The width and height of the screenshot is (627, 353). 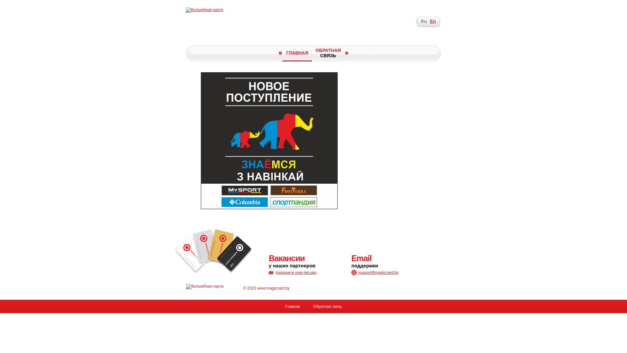 What do you see at coordinates (433, 21) in the screenshot?
I see `'En'` at bounding box center [433, 21].